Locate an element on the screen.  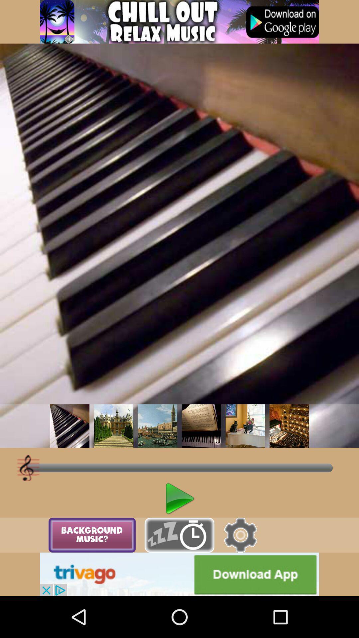
audio file is located at coordinates (69, 426).